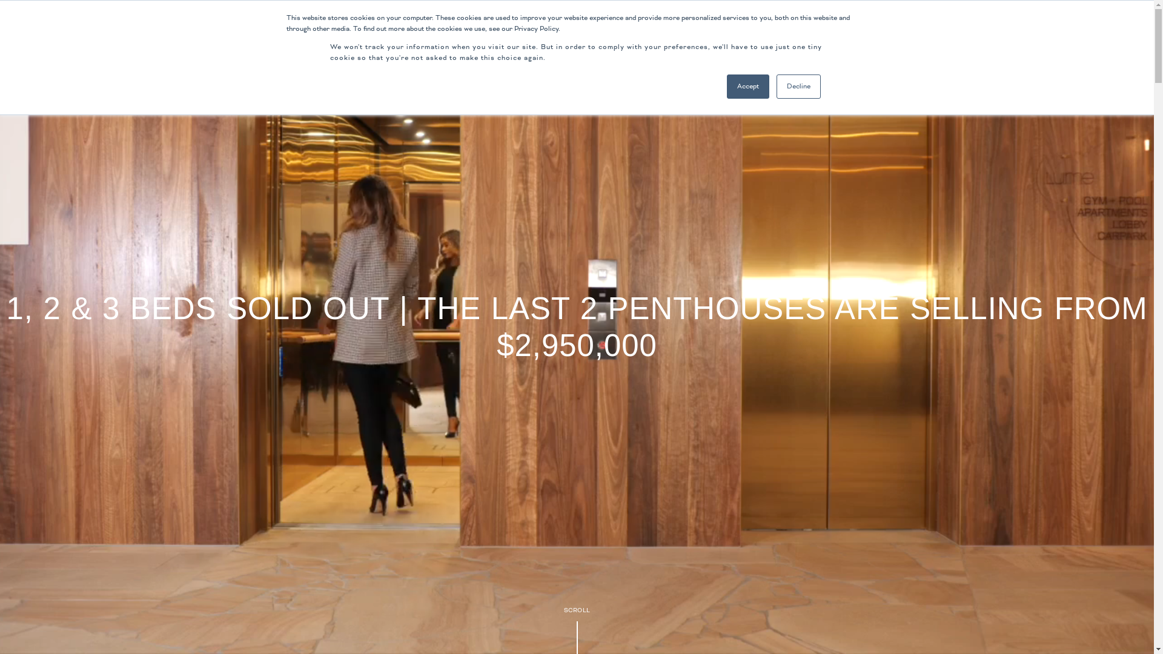 Image resolution: width=1163 pixels, height=654 pixels. Describe the element at coordinates (747, 85) in the screenshot. I see `'Accept'` at that location.